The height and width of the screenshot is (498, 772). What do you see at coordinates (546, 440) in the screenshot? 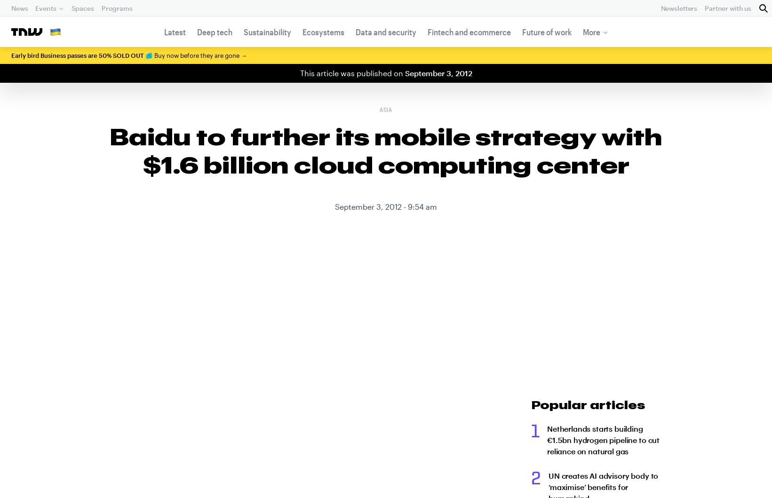
I see `'Netherlands starts building €1.5bn hydrogen pipeline to cut reliance on natural gas'` at bounding box center [546, 440].